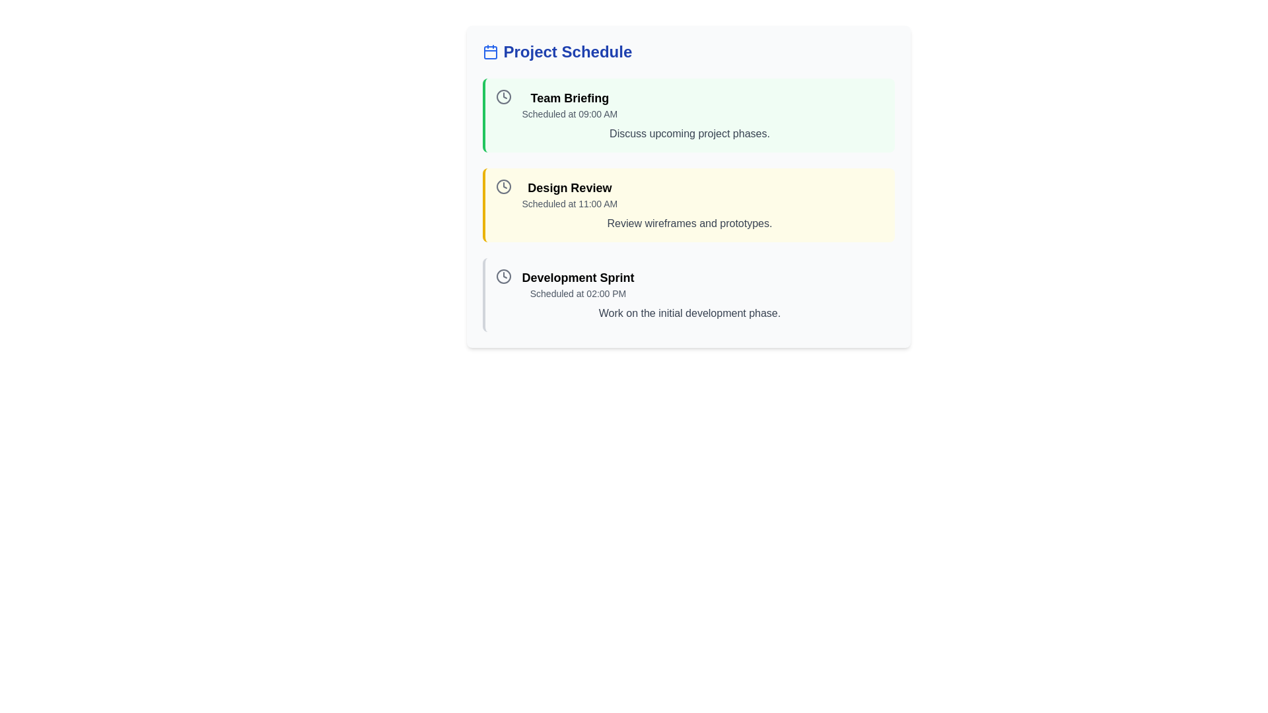 The width and height of the screenshot is (1268, 713). What do you see at coordinates (569, 203) in the screenshot?
I see `scheduled time information label for the 'Design Review' event located directly below the 'Design Review' title in the Project Schedule section` at bounding box center [569, 203].